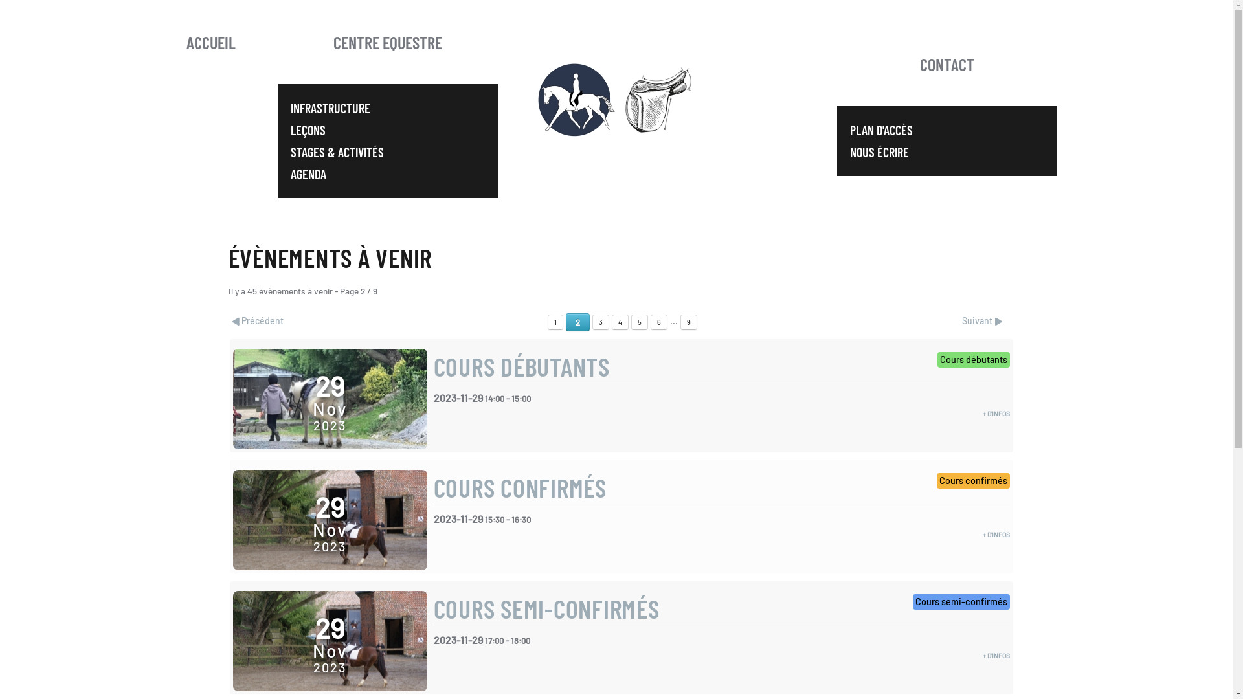 This screenshot has height=699, width=1243. I want to click on '6', so click(658, 321).